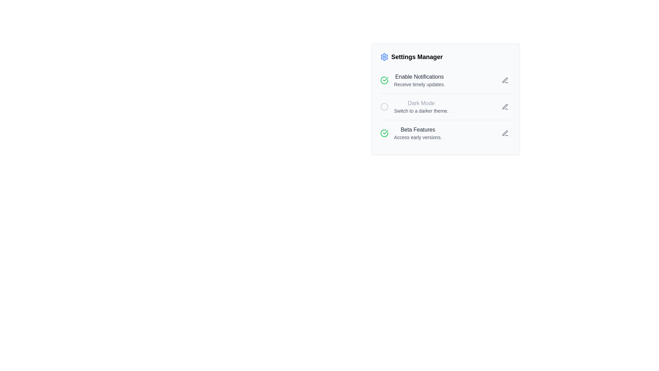 This screenshot has width=659, height=371. Describe the element at coordinates (384, 56) in the screenshot. I see `the leftmost icon in the 'Settings Manager' section` at that location.